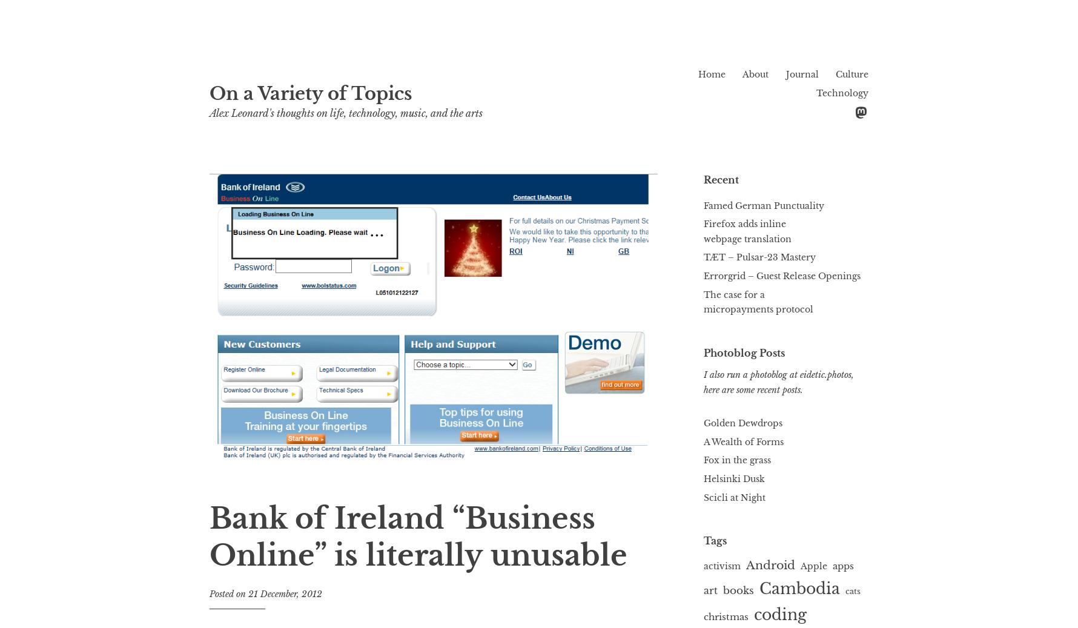  Describe the element at coordinates (734, 478) in the screenshot. I see `'Helsinki Dusk'` at that location.